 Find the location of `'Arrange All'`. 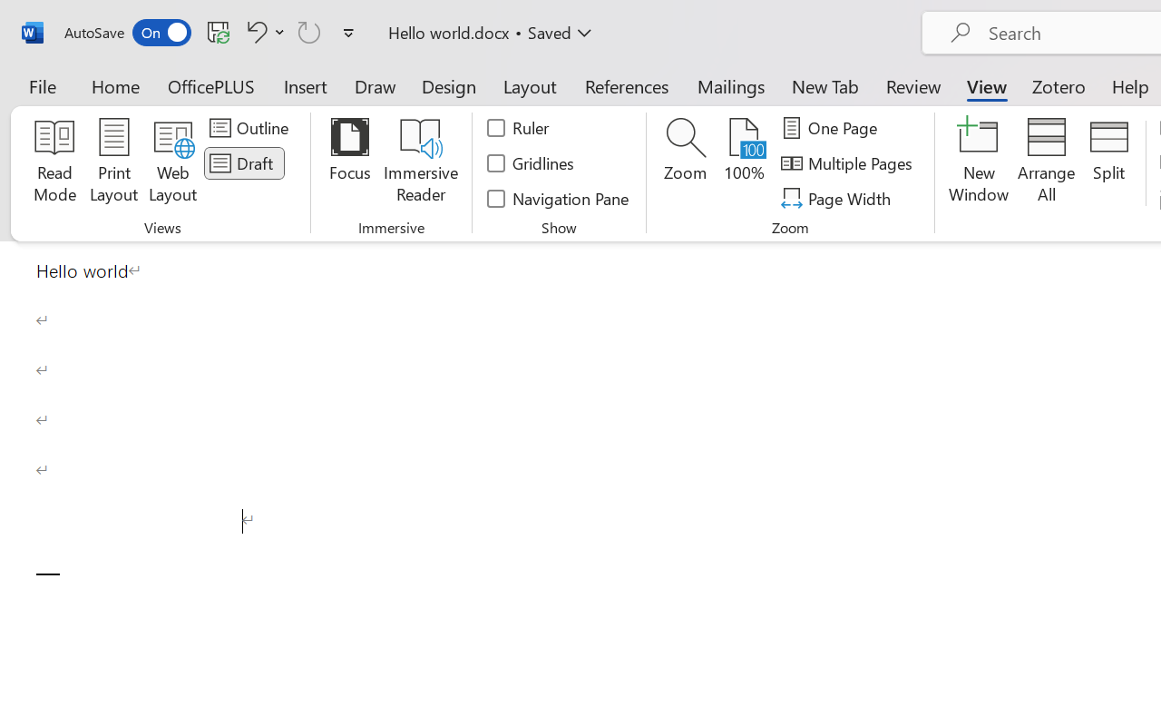

'Arrange All' is located at coordinates (1046, 162).